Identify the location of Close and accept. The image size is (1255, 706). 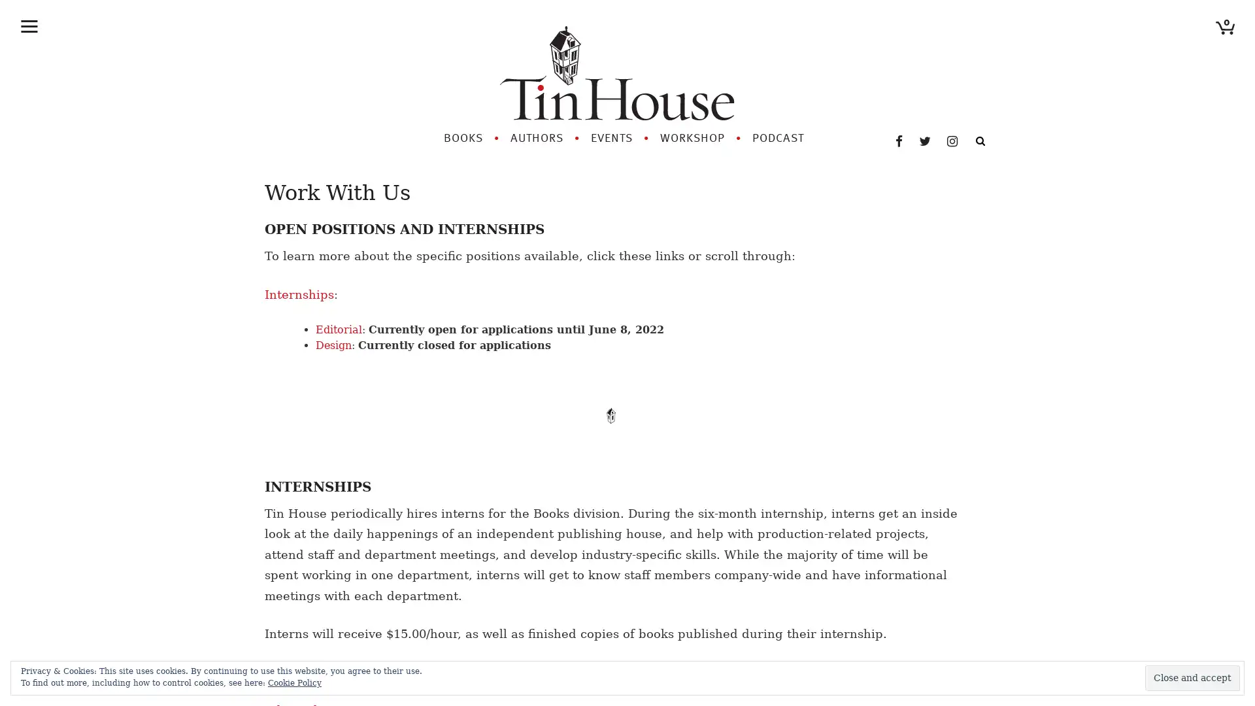
(1192, 677).